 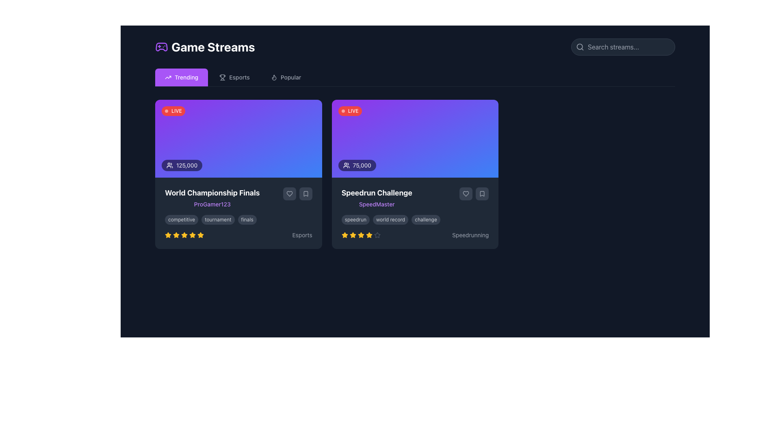 I want to click on displayed information from the text label element that serves as a title and subtitle for the content represented by the card, located in the central-right card of the second row, so click(x=376, y=198).